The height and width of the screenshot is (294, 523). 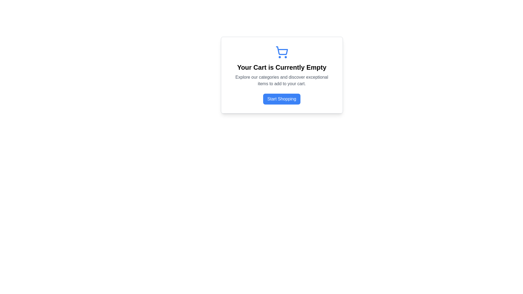 I want to click on the text block that says 'Explore our categories and discover exceptional items to add to your cart.', which is styled in gray and located centrally within the card below the header 'Your Cart is Currently Empty', so click(x=282, y=81).